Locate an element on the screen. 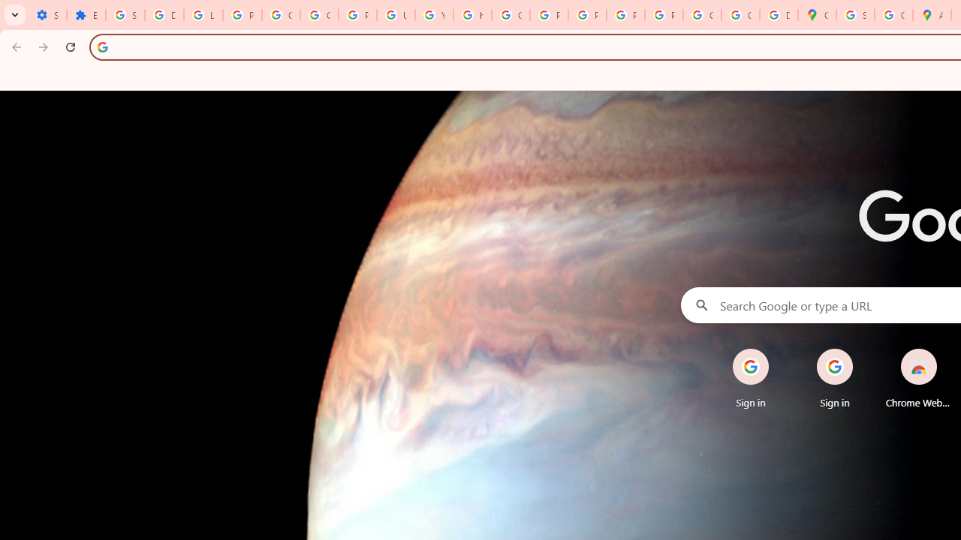  'Google Maps' is located at coordinates (816, 15).